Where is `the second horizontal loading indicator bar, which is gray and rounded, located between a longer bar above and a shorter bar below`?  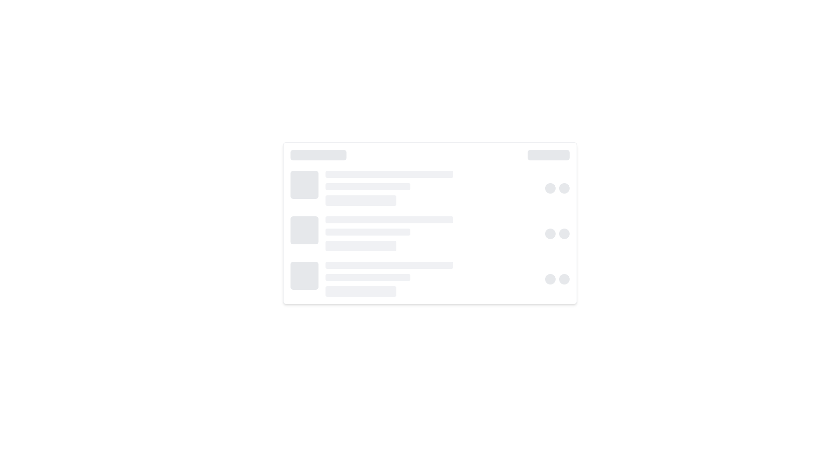
the second horizontal loading indicator bar, which is gray and rounded, located between a longer bar above and a shorter bar below is located at coordinates (368, 186).